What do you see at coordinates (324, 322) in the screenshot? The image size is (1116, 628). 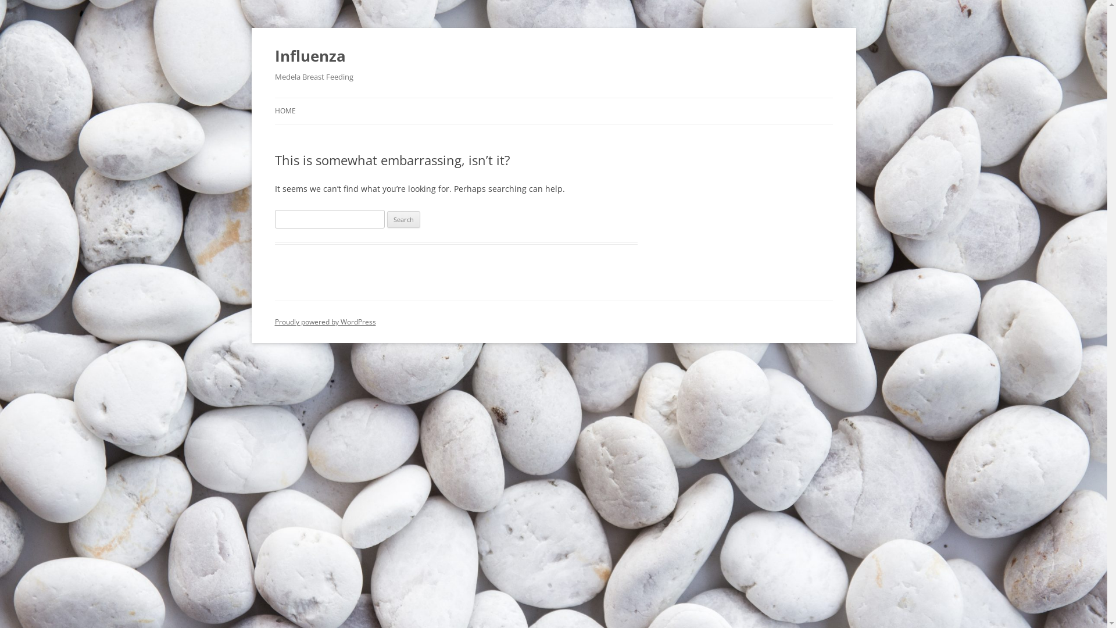 I see `'Proudly powered by WordPress'` at bounding box center [324, 322].